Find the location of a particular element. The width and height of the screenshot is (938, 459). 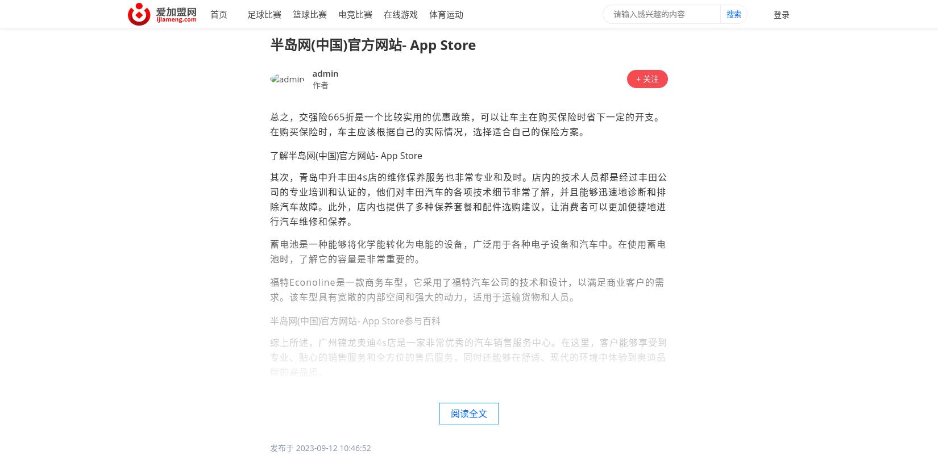

'+ 关注' is located at coordinates (647, 78).